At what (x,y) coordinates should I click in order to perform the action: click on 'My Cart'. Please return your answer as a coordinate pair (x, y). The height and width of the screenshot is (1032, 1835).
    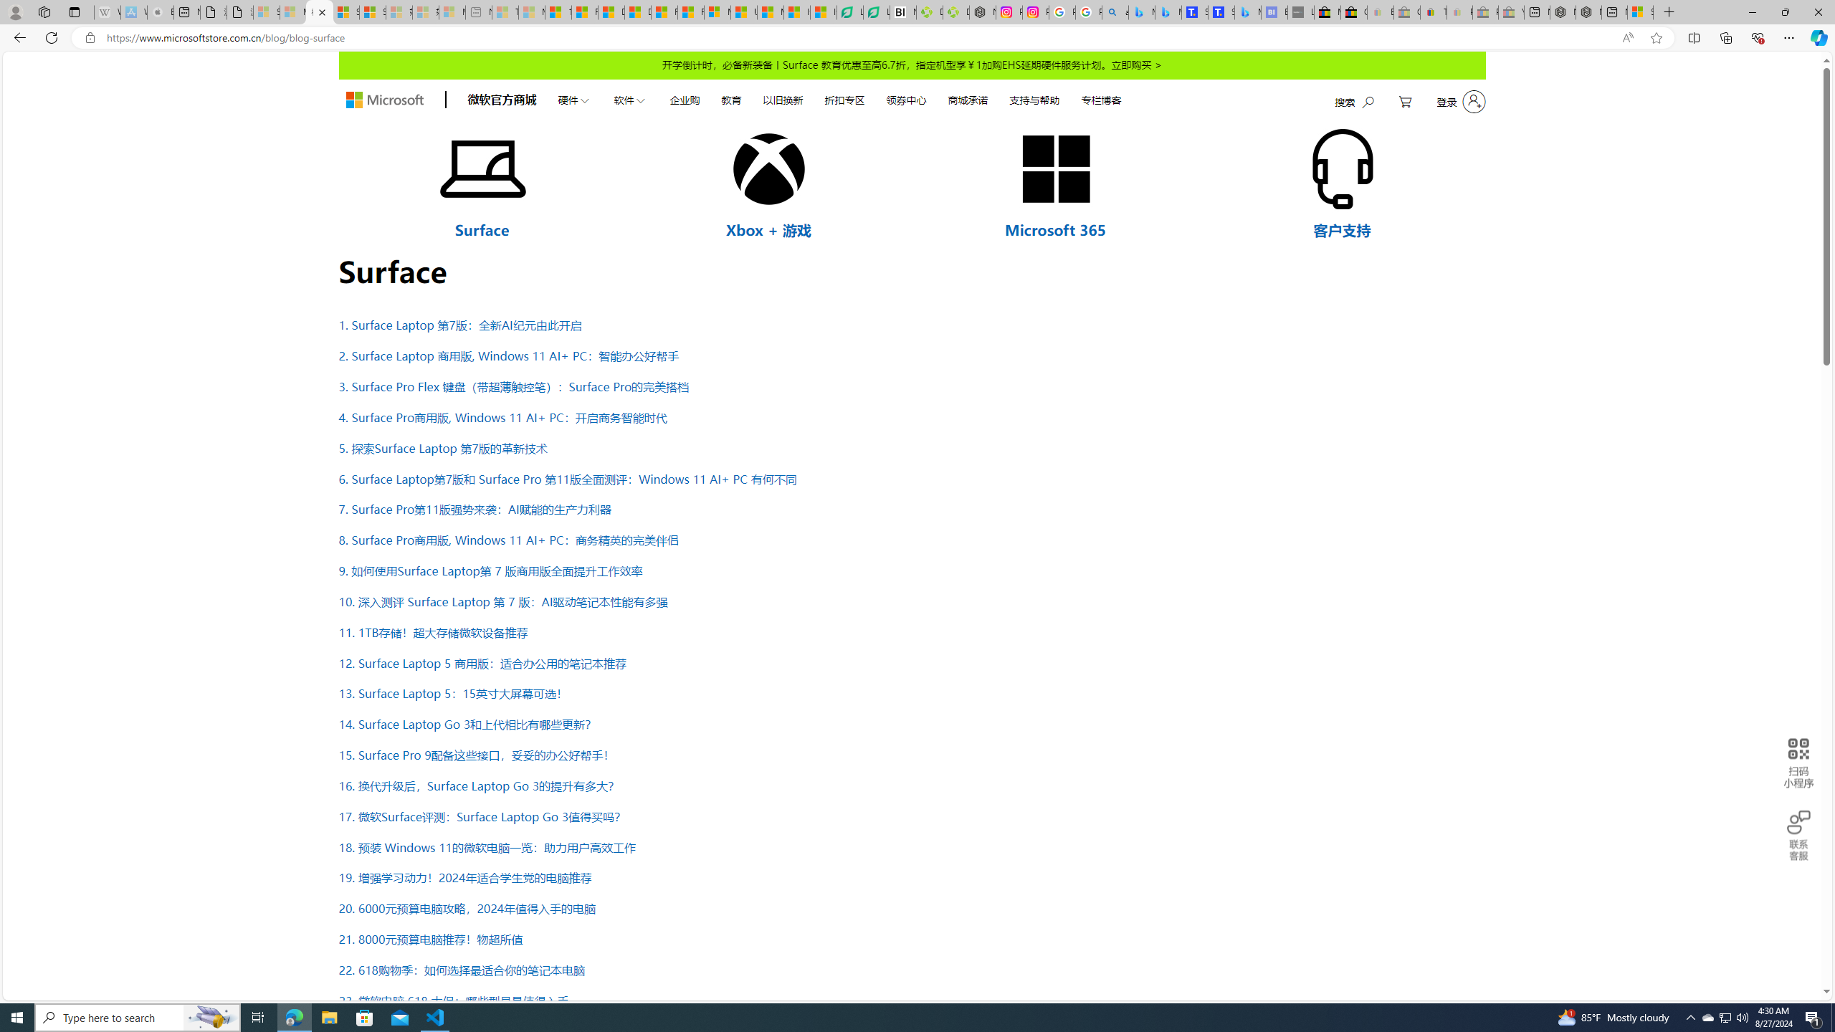
    Looking at the image, I should click on (1405, 101).